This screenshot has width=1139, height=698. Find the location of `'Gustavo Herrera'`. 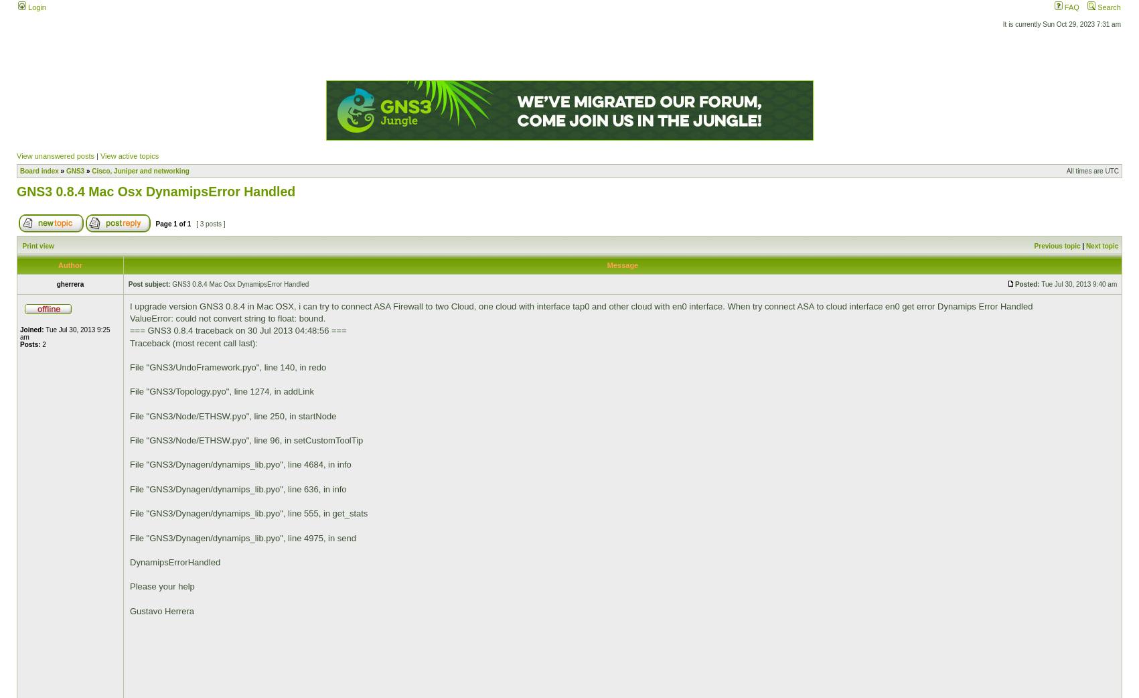

'Gustavo Herrera' is located at coordinates (161, 610).